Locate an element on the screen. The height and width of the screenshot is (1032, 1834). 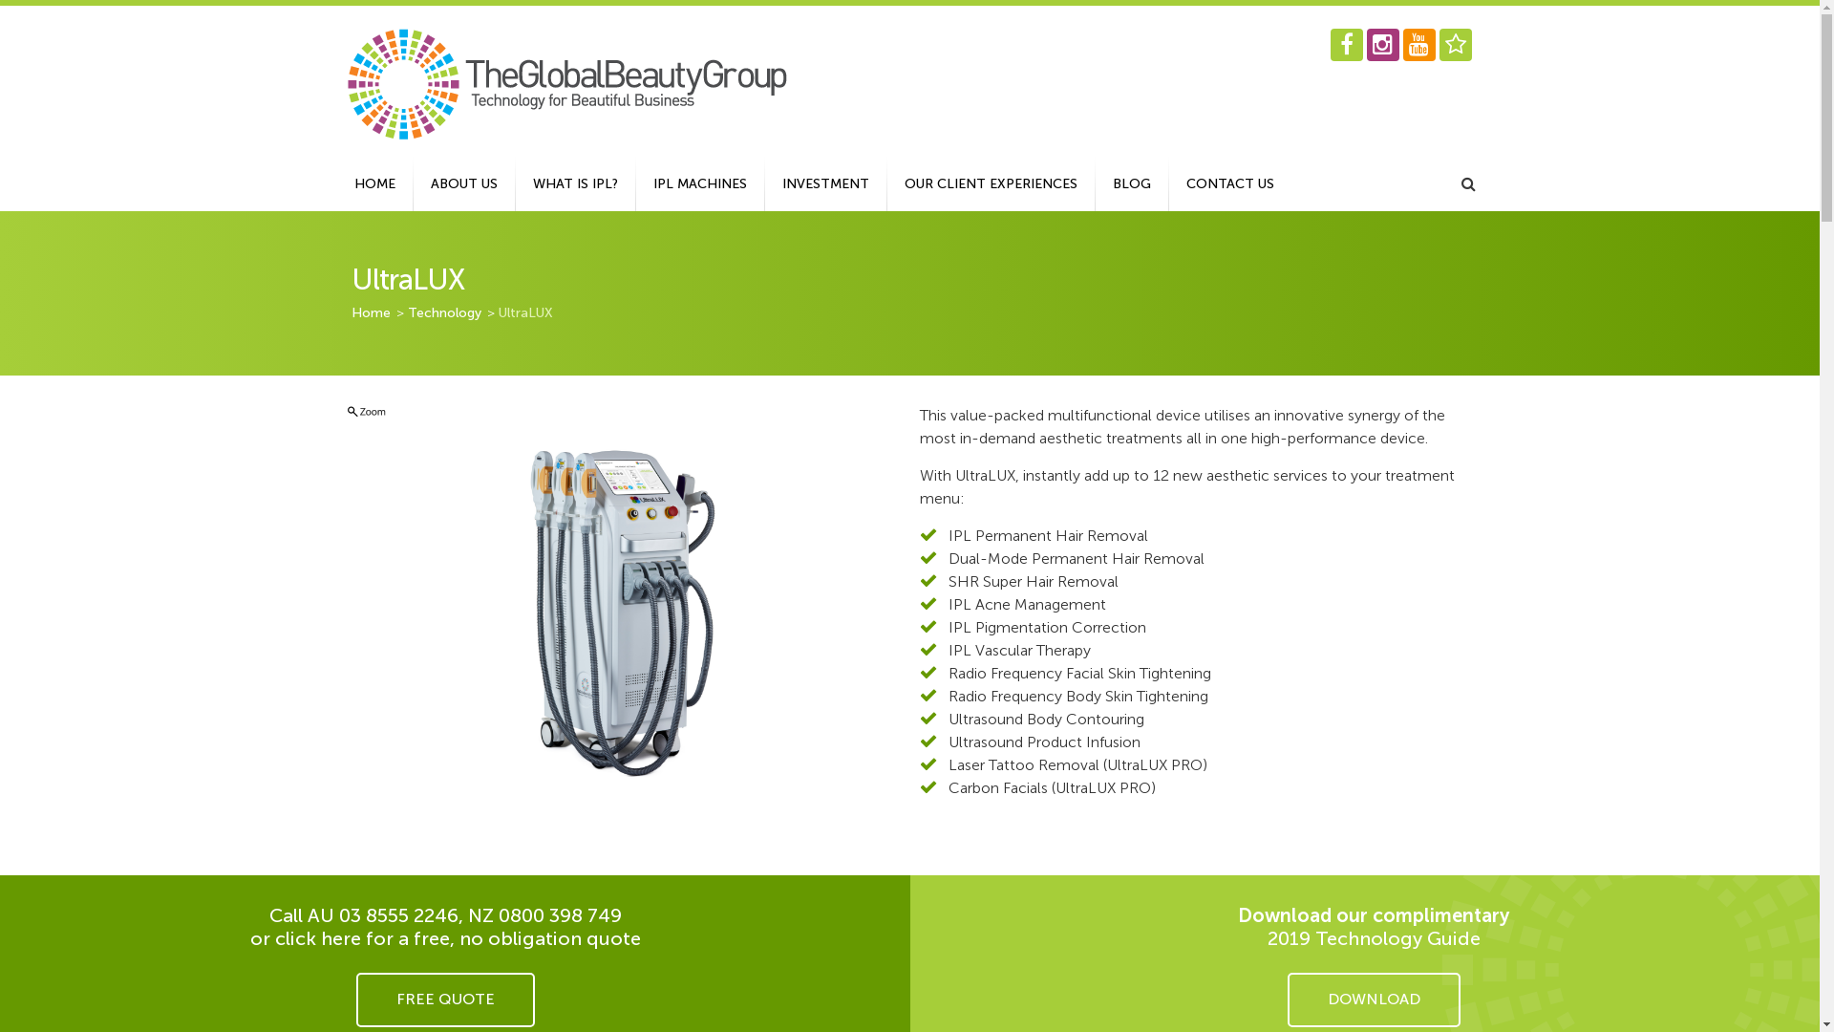
'FREE QUOTE' is located at coordinates (444, 999).